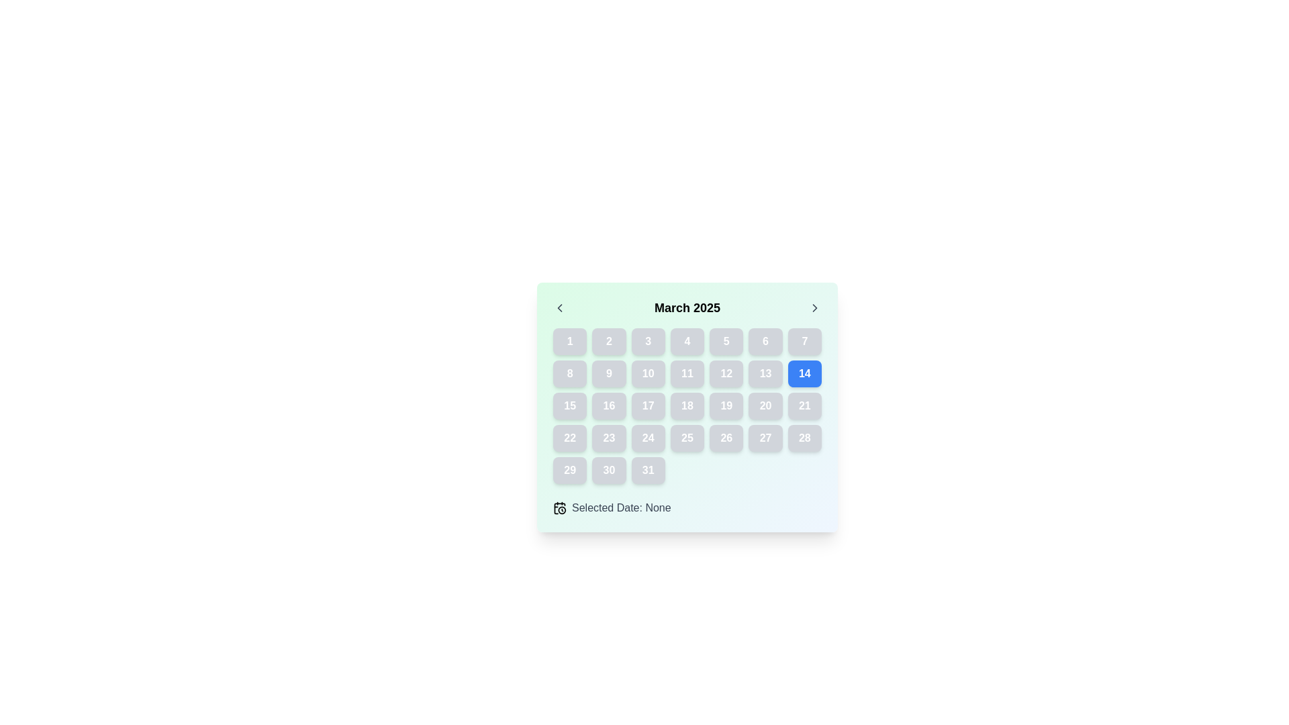  I want to click on the button labeled '19' with a gray background and rounded corners, so click(726, 405).